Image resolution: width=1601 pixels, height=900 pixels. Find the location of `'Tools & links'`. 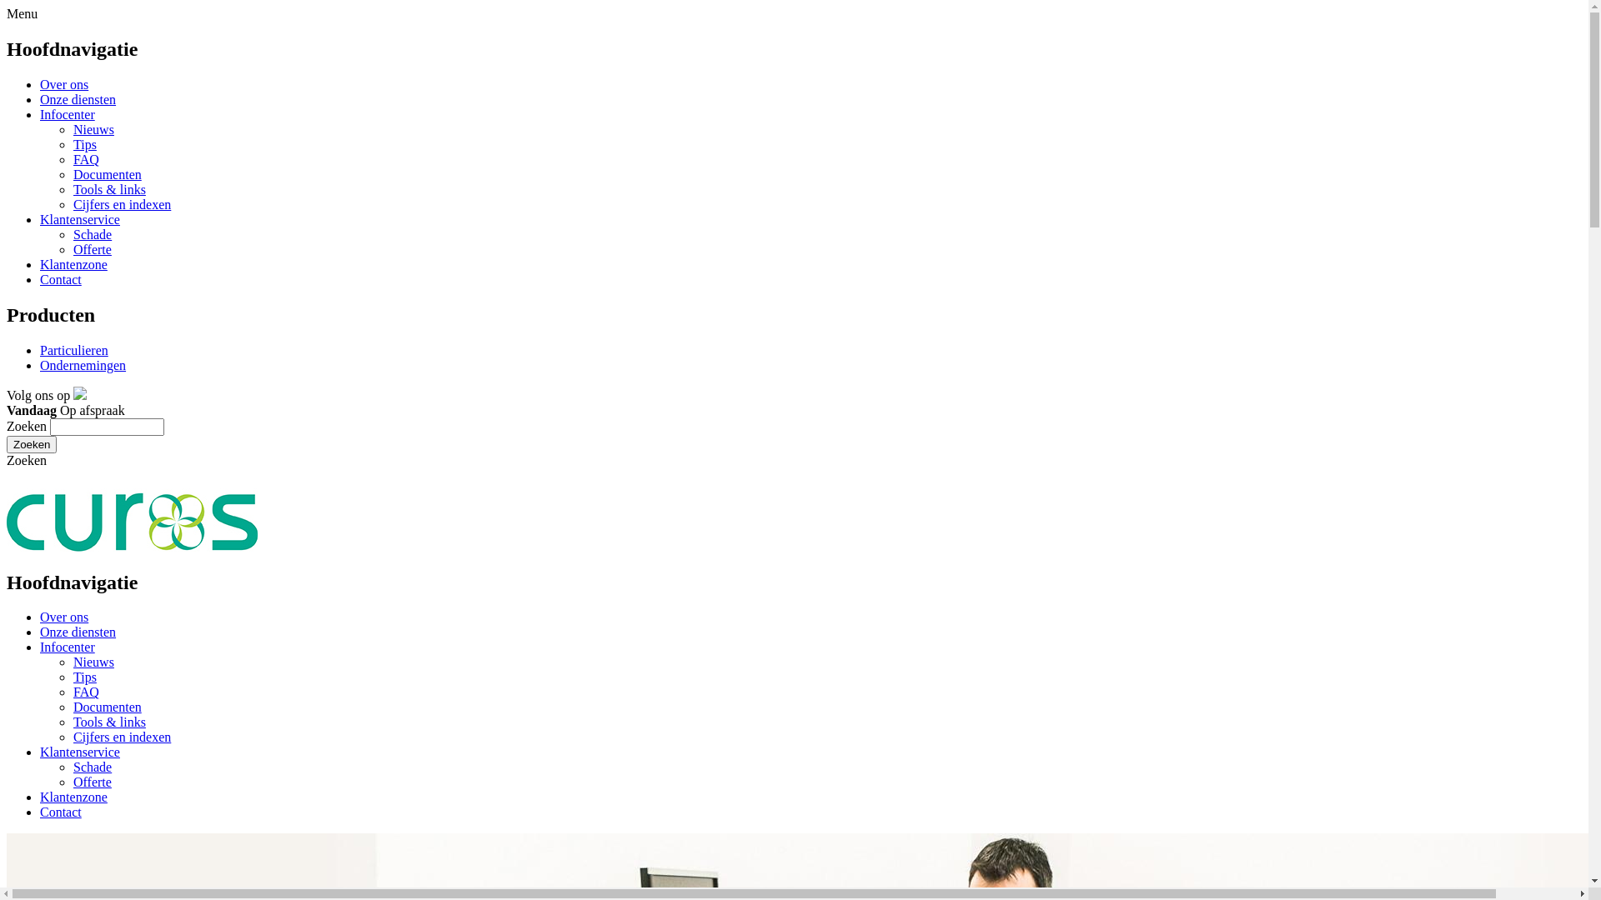

'Tools & links' is located at coordinates (108, 188).